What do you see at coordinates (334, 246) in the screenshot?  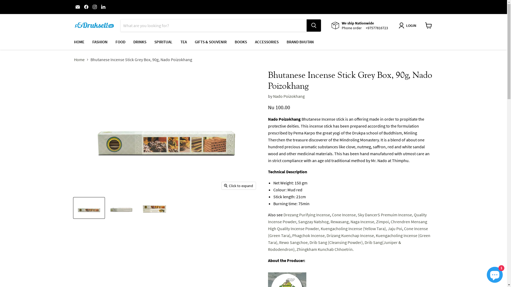 I see `'Drib Sang(Juniper & Rododendron),'` at bounding box center [334, 246].